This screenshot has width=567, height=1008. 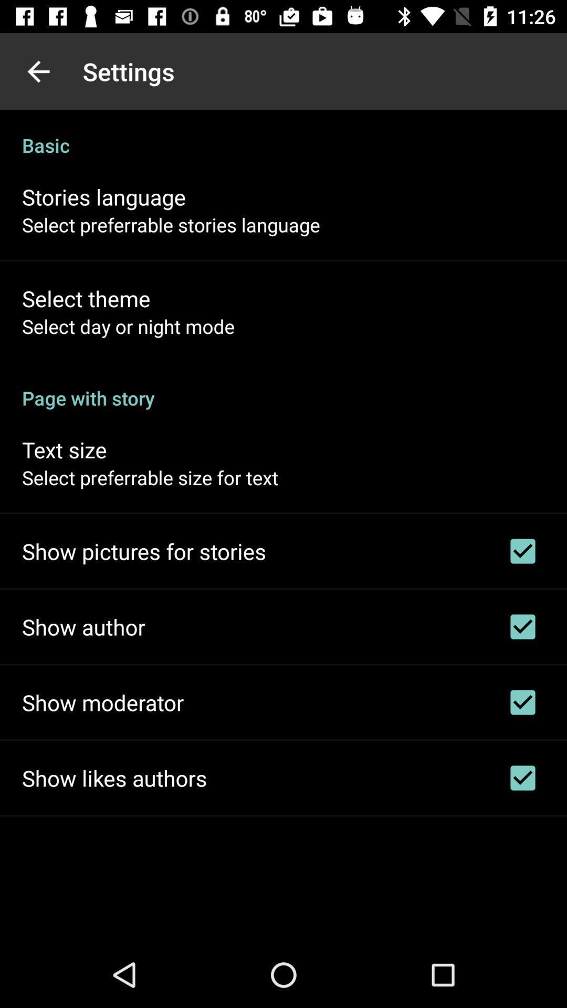 What do you see at coordinates (83, 627) in the screenshot?
I see `show author item` at bounding box center [83, 627].